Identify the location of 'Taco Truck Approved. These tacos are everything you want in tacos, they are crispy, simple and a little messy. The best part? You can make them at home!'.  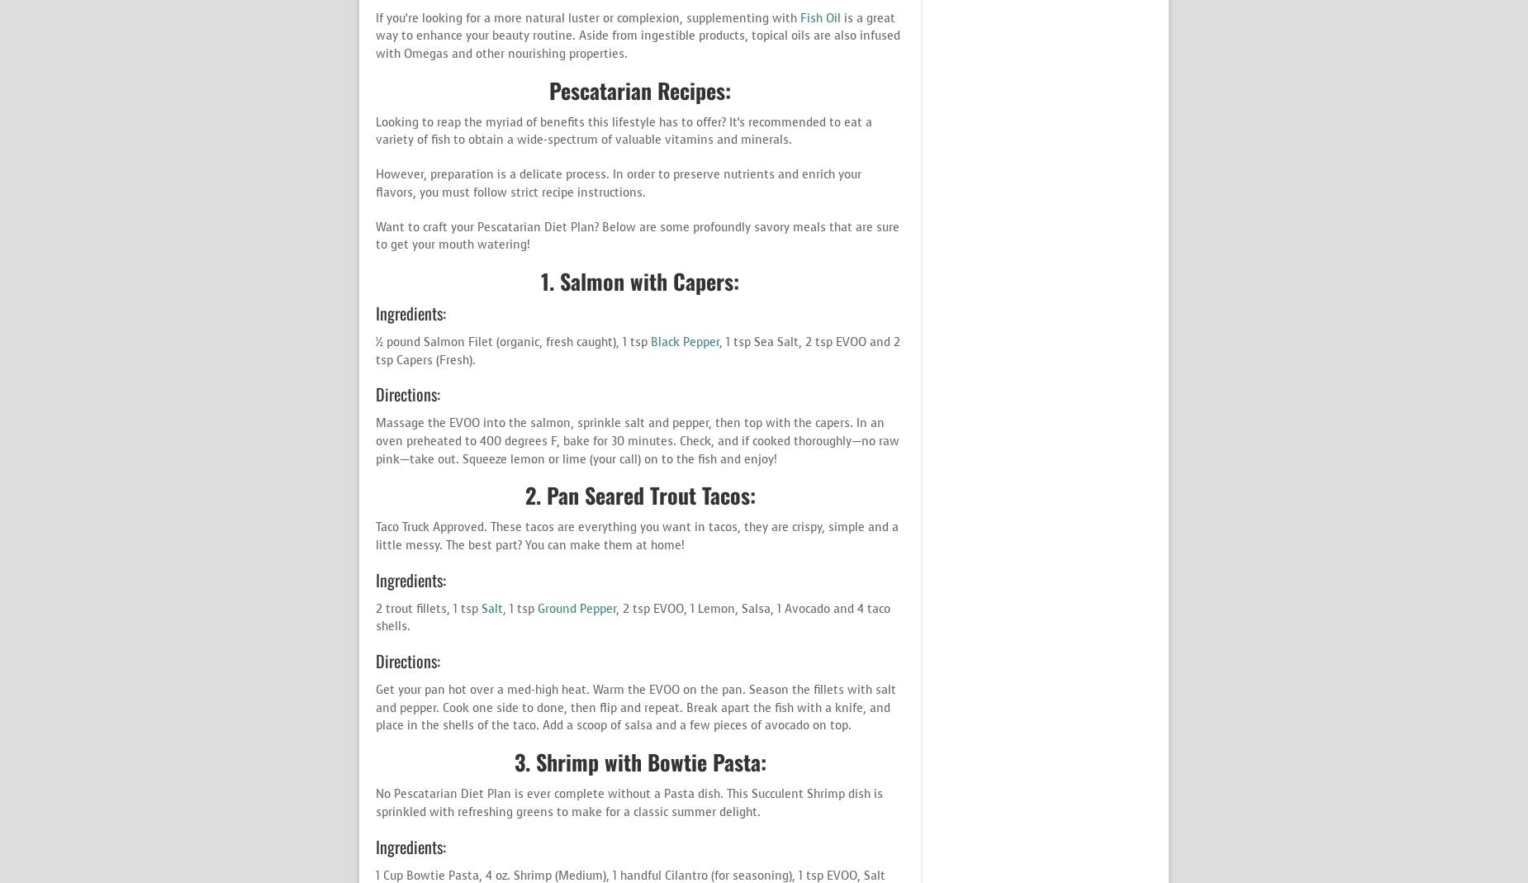
(374, 535).